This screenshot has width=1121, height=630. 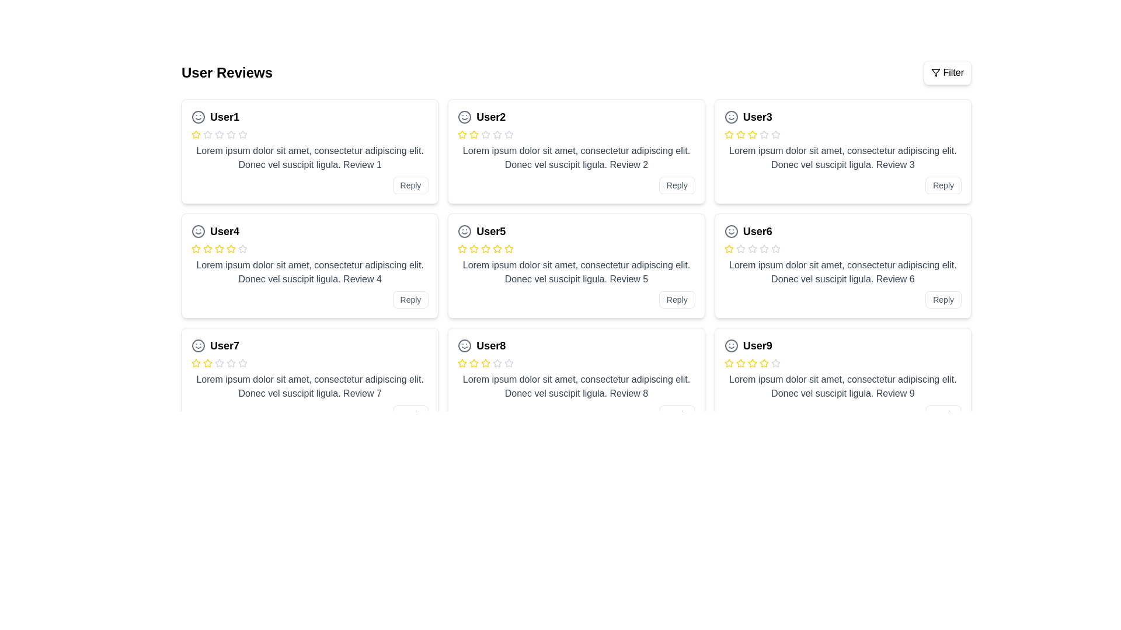 I want to click on the third star icon in the User2 review card to indicate a rating on the five-level rating system, so click(x=474, y=134).